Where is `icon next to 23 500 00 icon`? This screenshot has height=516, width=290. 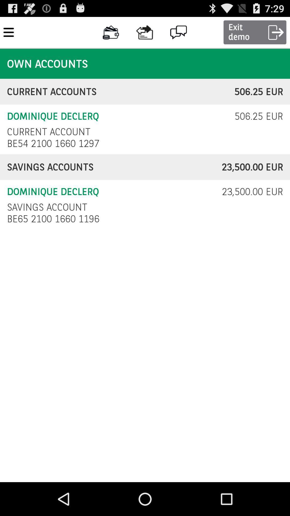 icon next to 23 500 00 icon is located at coordinates (47, 207).